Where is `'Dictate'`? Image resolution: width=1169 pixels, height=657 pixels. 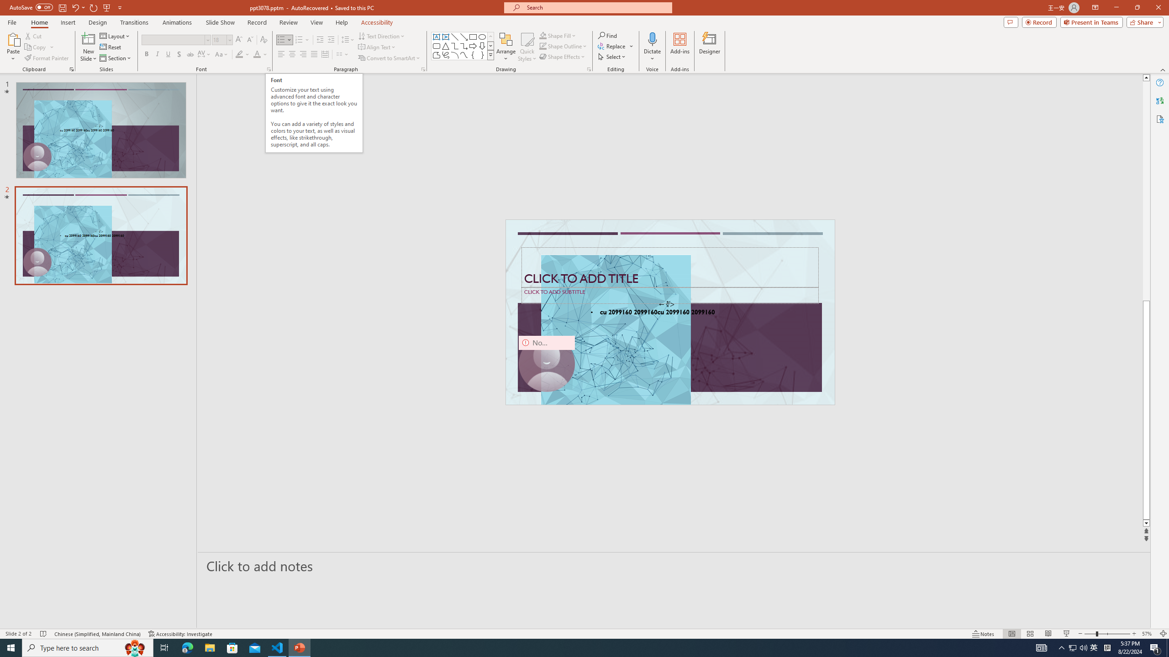
'Dictate' is located at coordinates (652, 38).